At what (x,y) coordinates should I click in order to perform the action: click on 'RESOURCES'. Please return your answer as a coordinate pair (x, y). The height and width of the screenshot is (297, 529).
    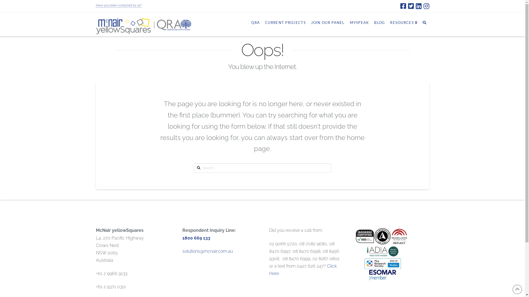
    Looking at the image, I should click on (403, 22).